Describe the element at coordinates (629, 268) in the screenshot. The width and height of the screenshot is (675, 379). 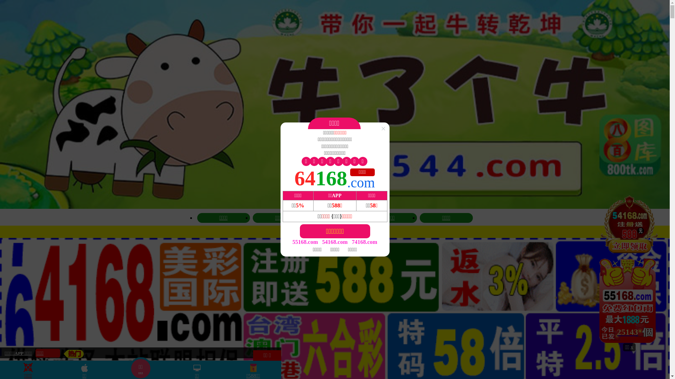
I see `'25345'` at that location.